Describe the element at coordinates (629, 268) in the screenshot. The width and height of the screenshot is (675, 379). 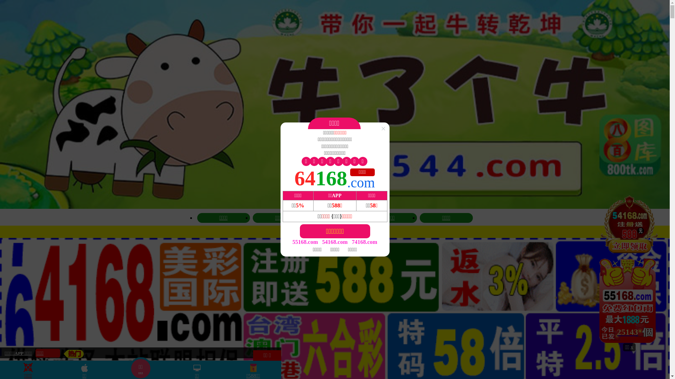
I see `'25345'` at that location.